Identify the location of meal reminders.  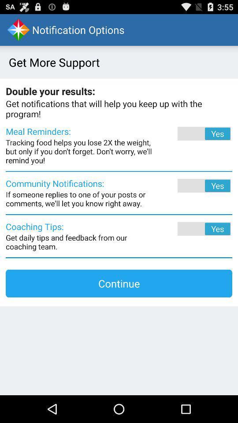
(192, 134).